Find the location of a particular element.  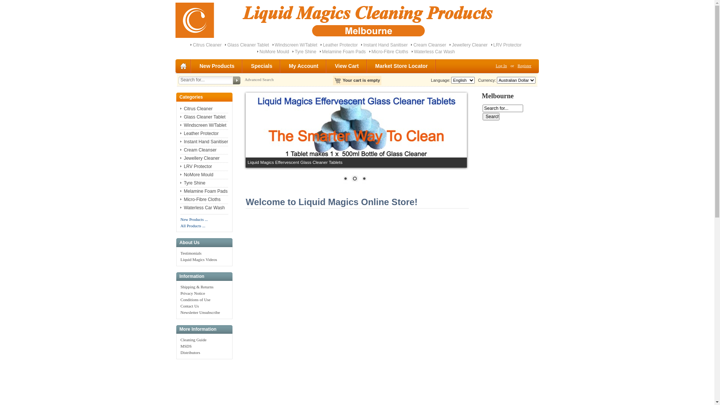

'Specials' is located at coordinates (262, 66).